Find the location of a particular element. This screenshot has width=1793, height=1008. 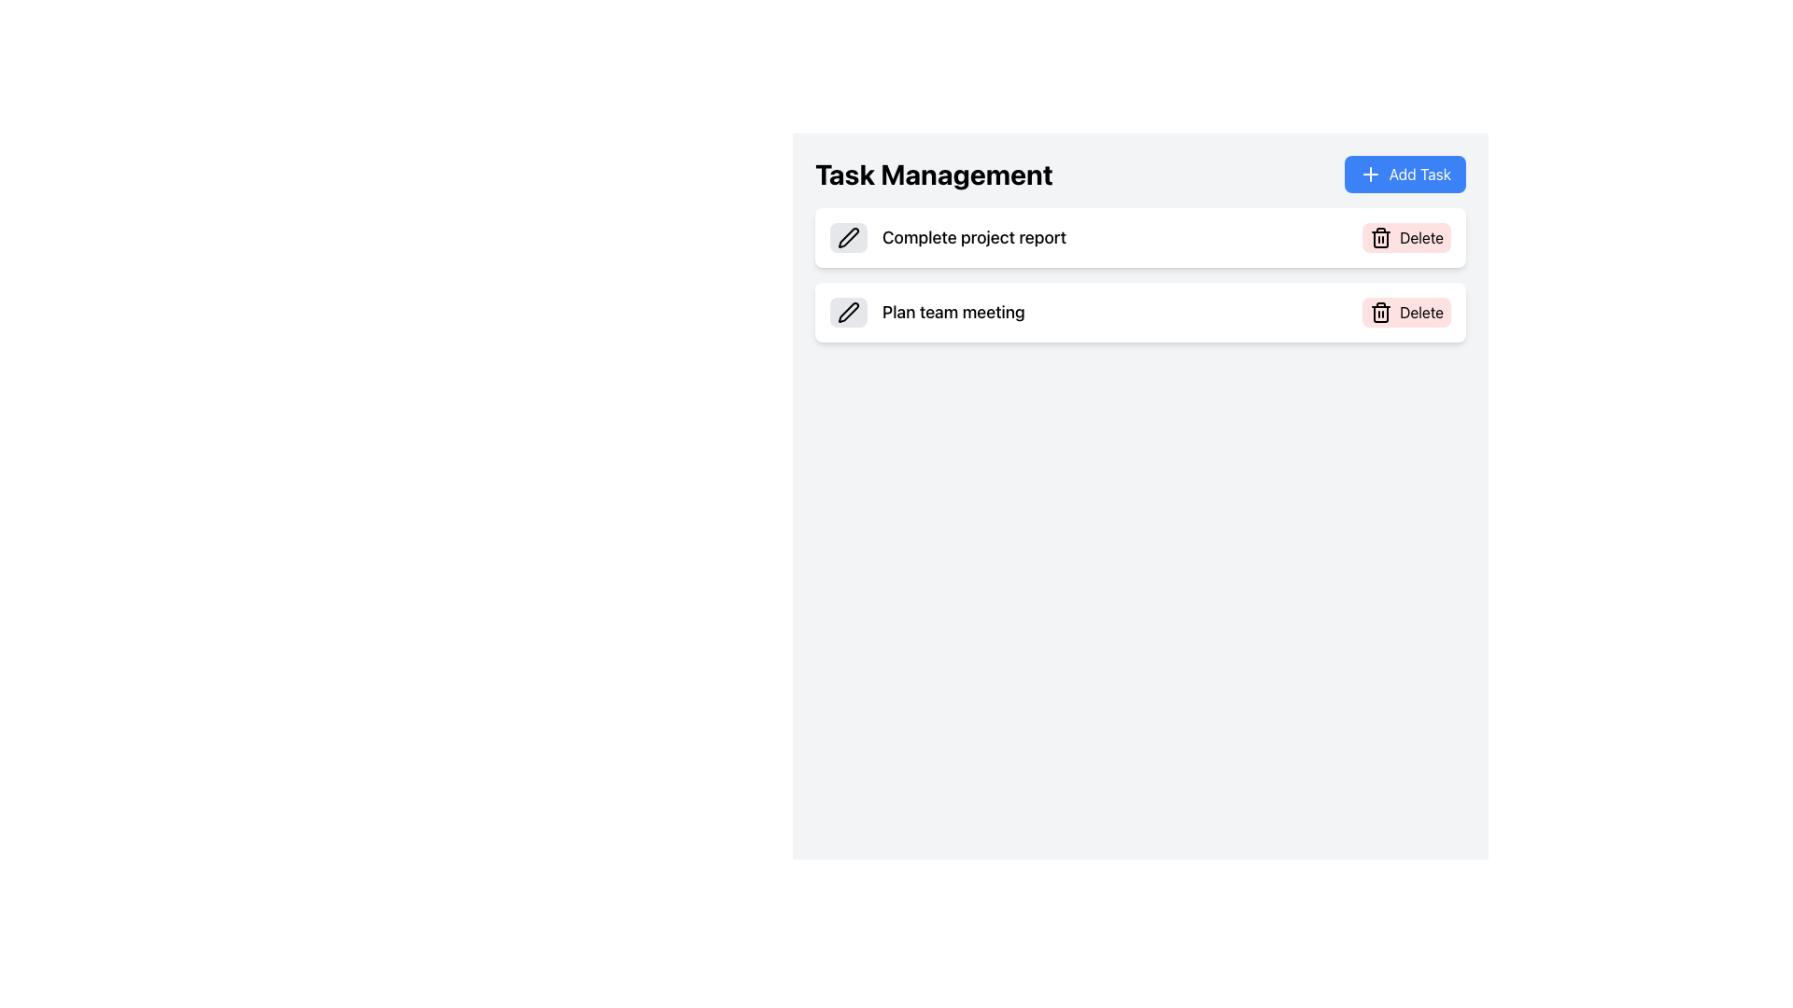

the Plus Icon (SVG) located within the 'Add Task' button in the top-right corner of the interface to trigger possible visual feedback is located at coordinates (1370, 174).